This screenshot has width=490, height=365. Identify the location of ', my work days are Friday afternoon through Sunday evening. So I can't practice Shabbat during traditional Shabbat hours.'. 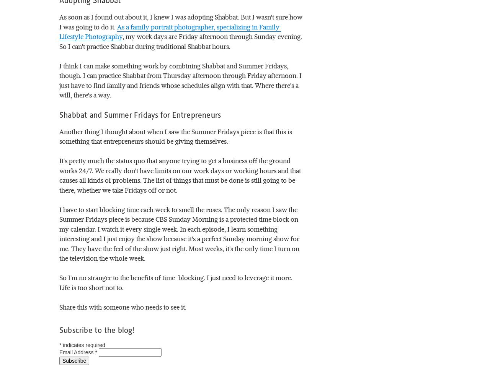
(59, 41).